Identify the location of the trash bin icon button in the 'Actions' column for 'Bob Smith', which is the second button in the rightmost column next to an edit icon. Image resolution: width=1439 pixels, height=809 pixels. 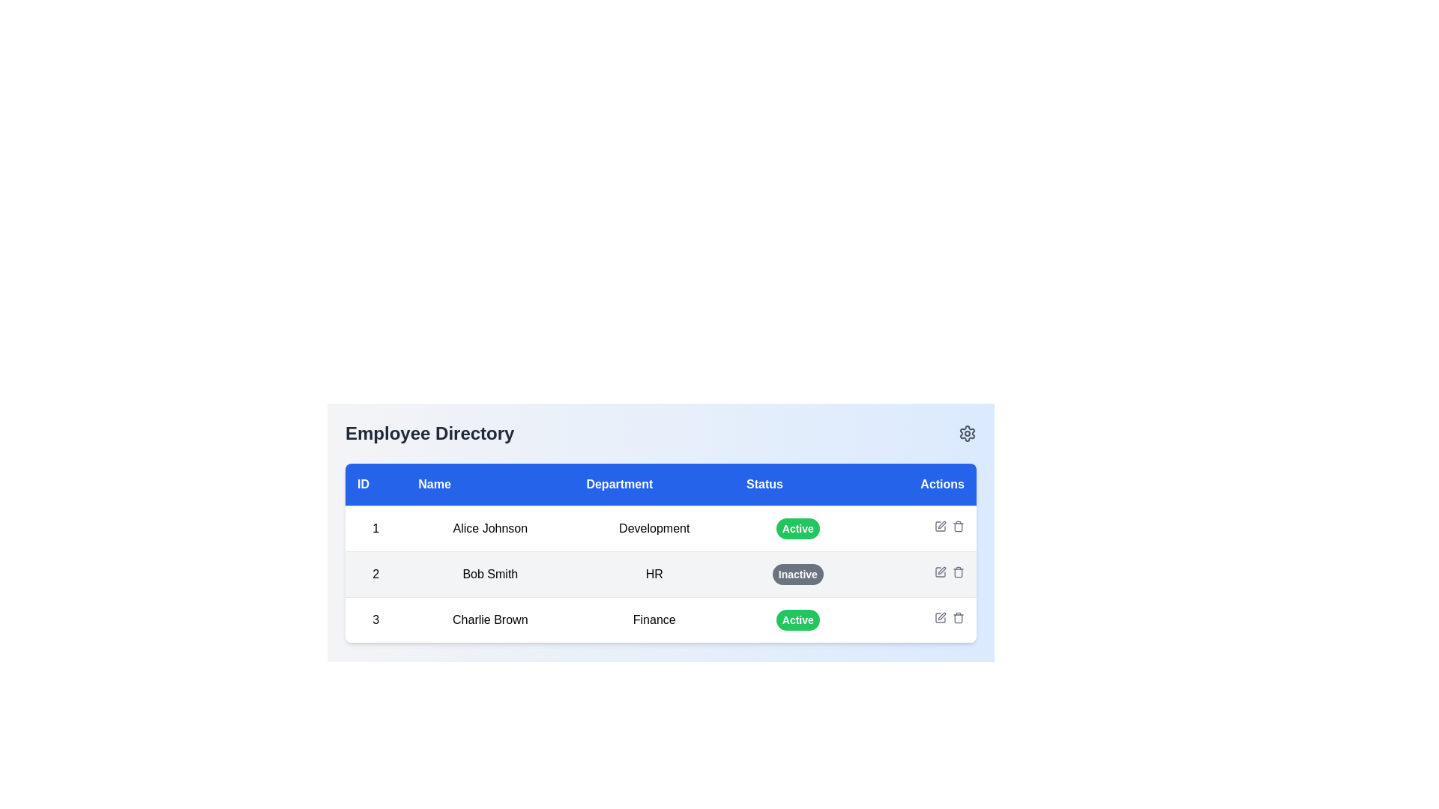
(957, 572).